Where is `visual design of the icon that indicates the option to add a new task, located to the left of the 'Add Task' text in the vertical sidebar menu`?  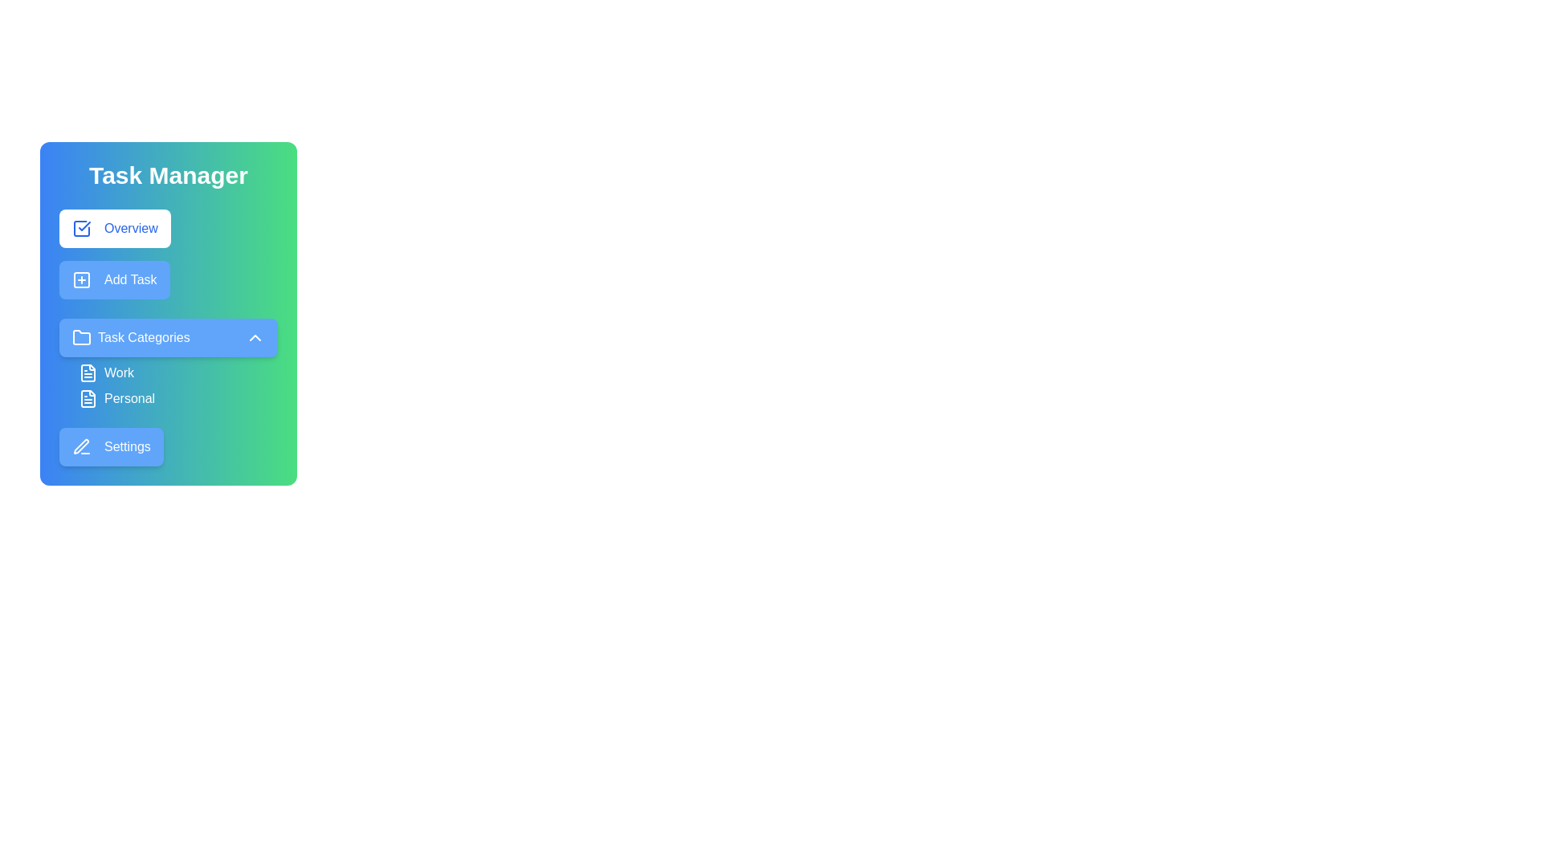
visual design of the icon that indicates the option to add a new task, located to the left of the 'Add Task' text in the vertical sidebar menu is located at coordinates (80, 279).